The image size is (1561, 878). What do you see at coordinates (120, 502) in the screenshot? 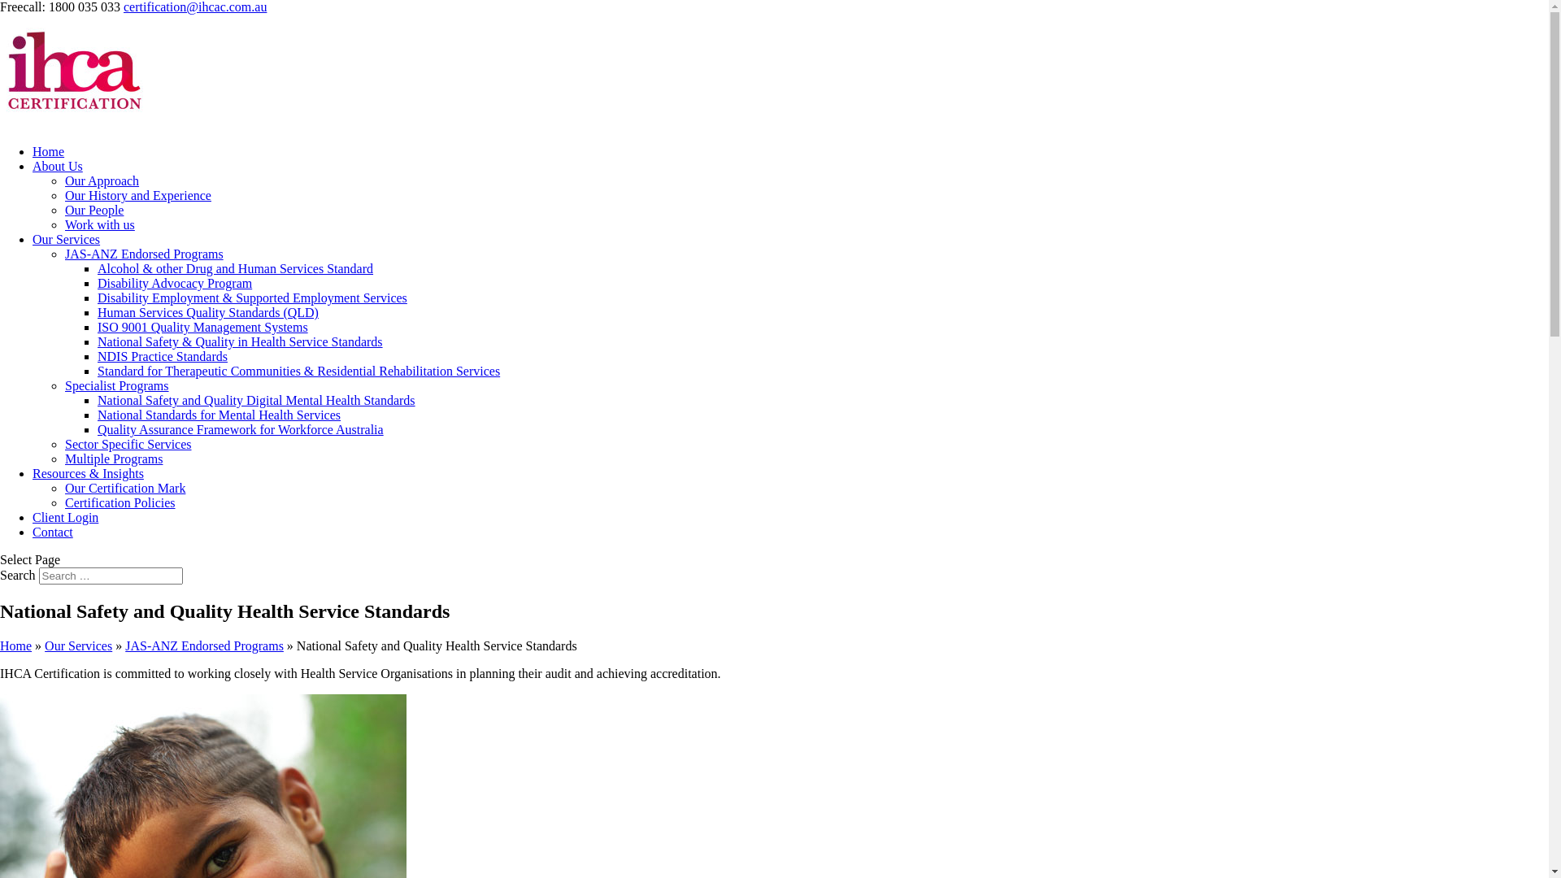
I see `'Certification Policies'` at bounding box center [120, 502].